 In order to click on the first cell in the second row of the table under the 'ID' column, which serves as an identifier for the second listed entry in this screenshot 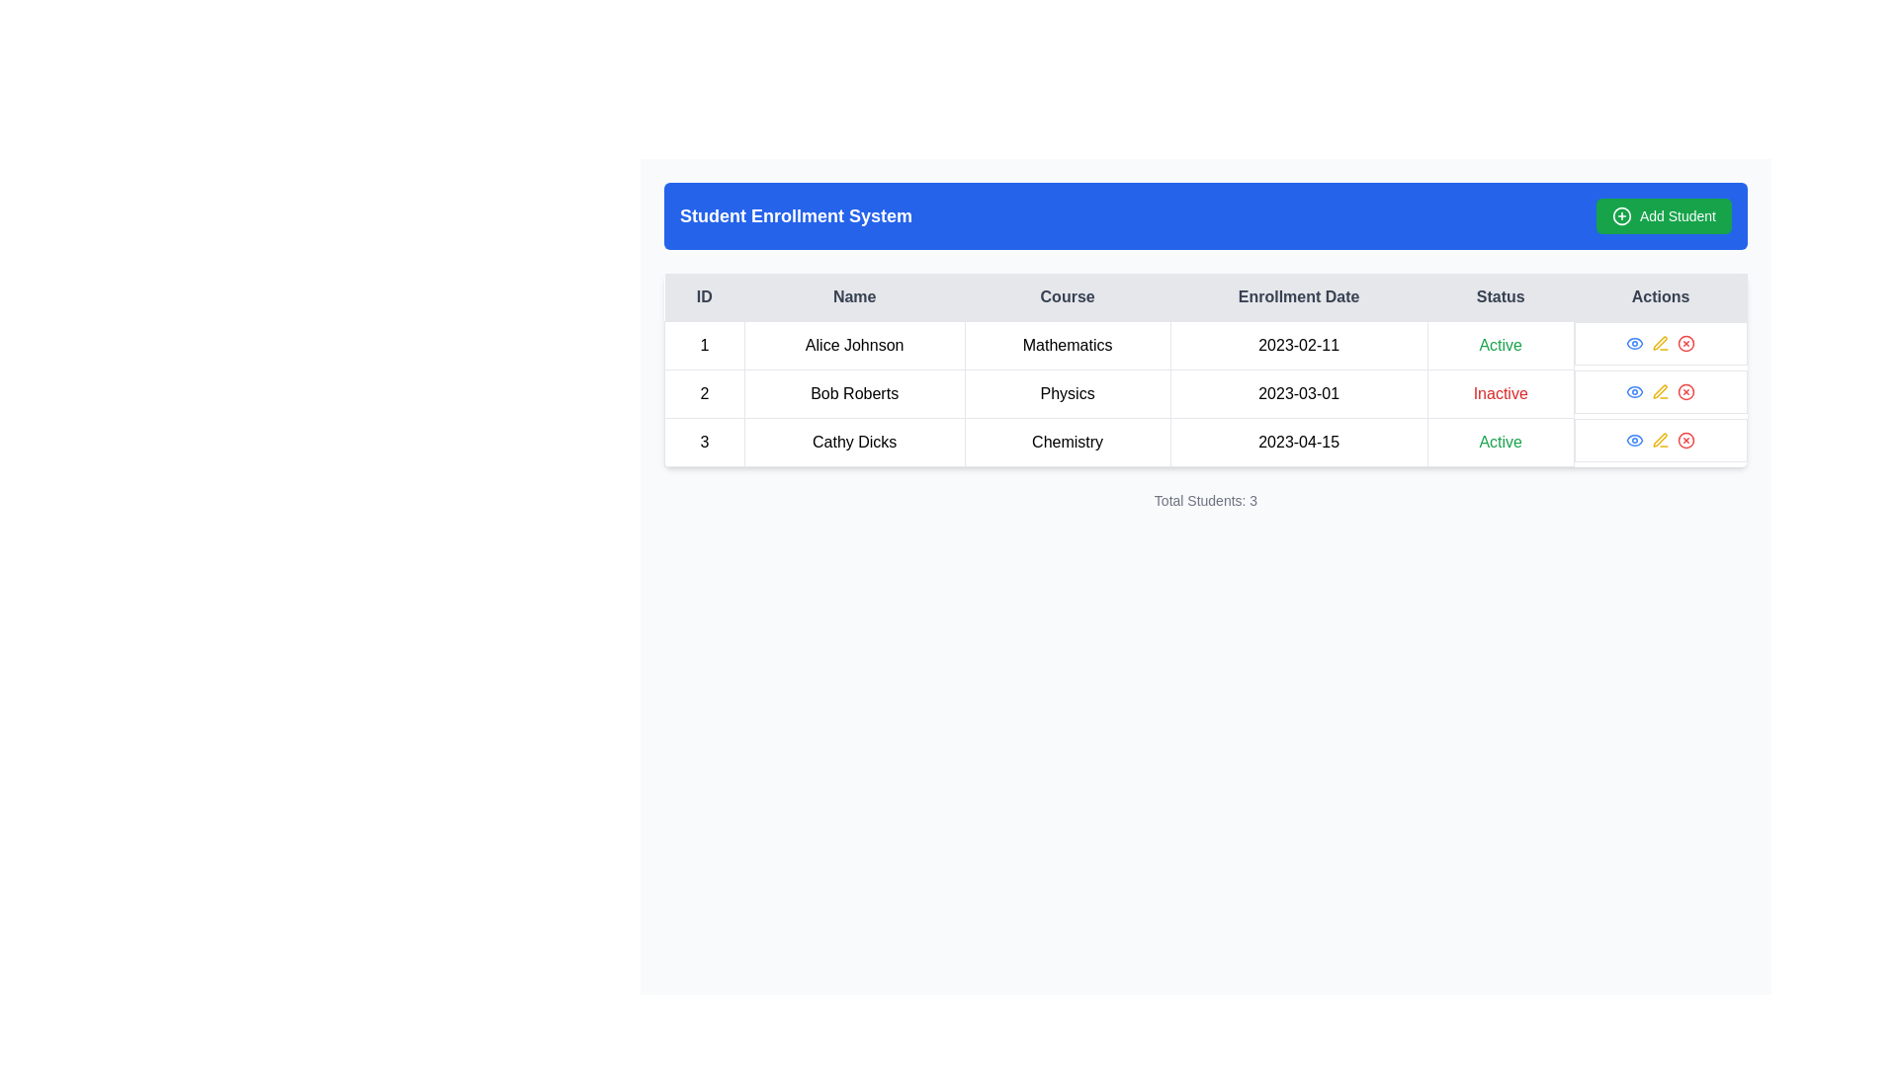, I will do `click(704, 393)`.